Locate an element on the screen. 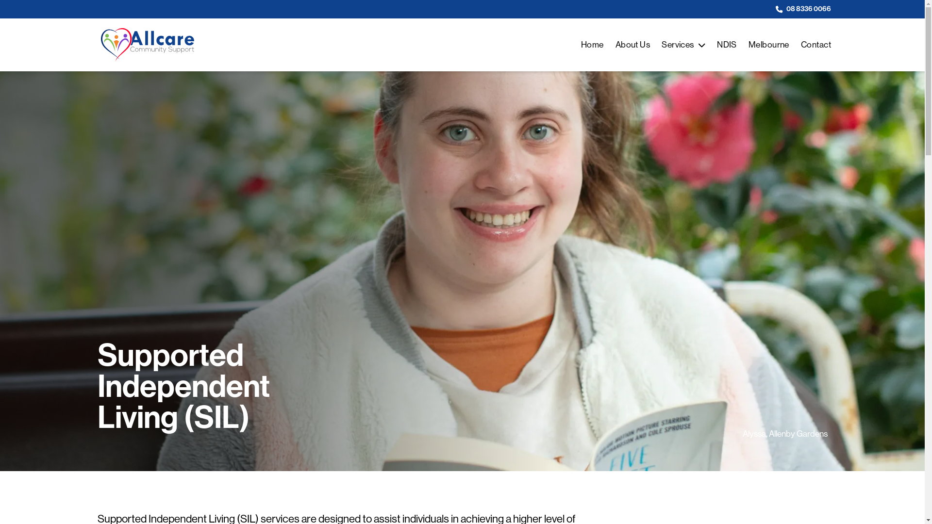 This screenshot has width=932, height=524. 'Services' is located at coordinates (682, 45).